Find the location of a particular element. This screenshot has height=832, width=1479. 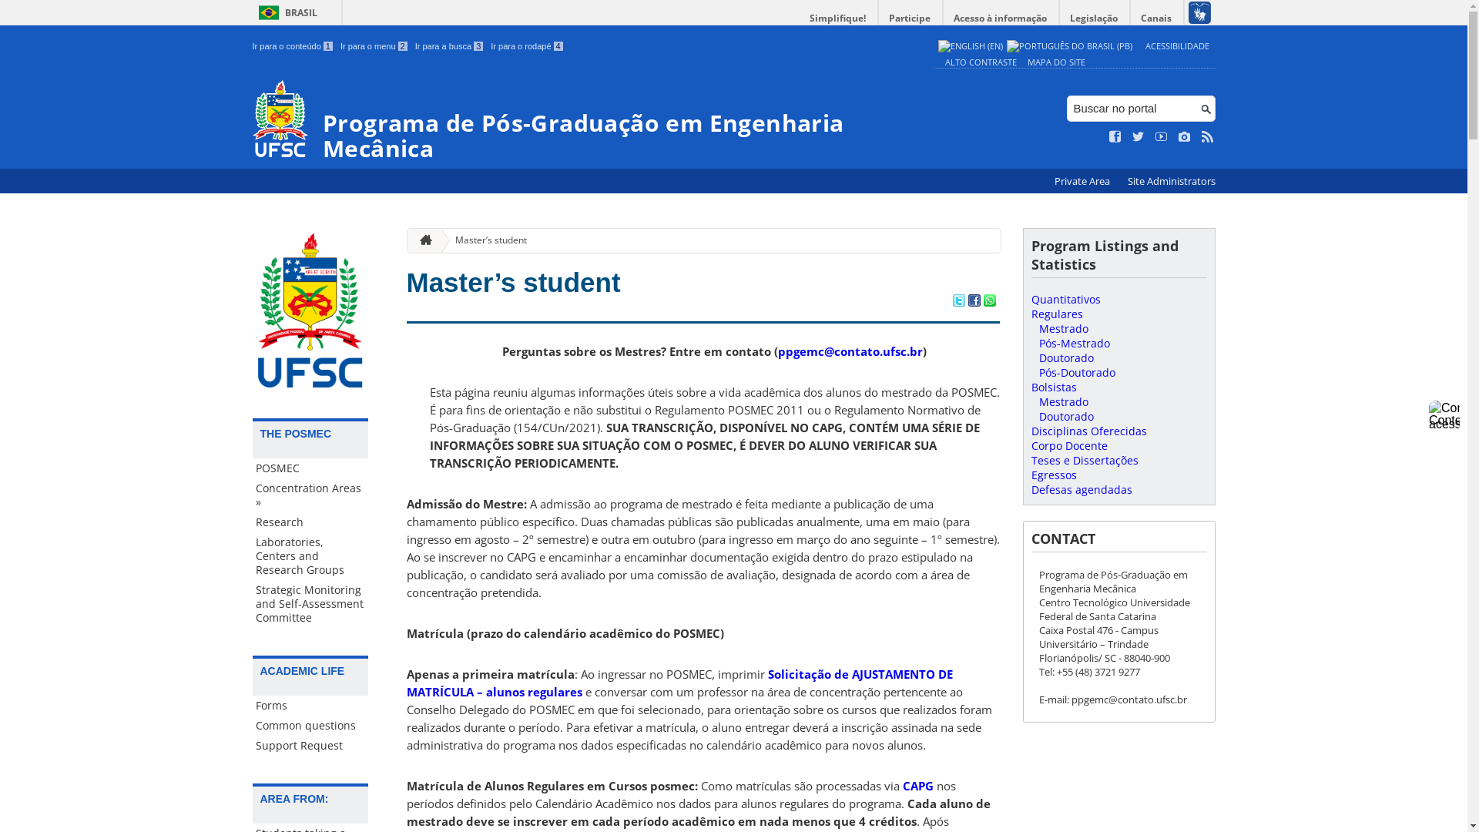

'Veja no Instagram' is located at coordinates (1183, 136).